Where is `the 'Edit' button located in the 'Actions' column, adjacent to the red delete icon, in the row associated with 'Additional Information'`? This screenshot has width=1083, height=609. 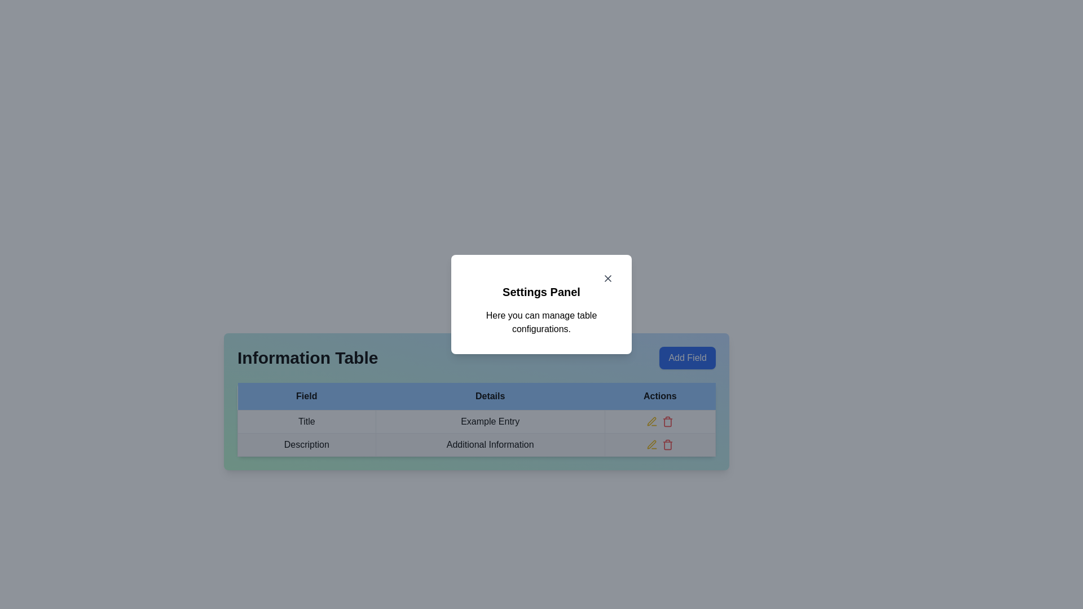 the 'Edit' button located in the 'Actions' column, adjacent to the red delete icon, in the row associated with 'Additional Information' is located at coordinates (652, 444).